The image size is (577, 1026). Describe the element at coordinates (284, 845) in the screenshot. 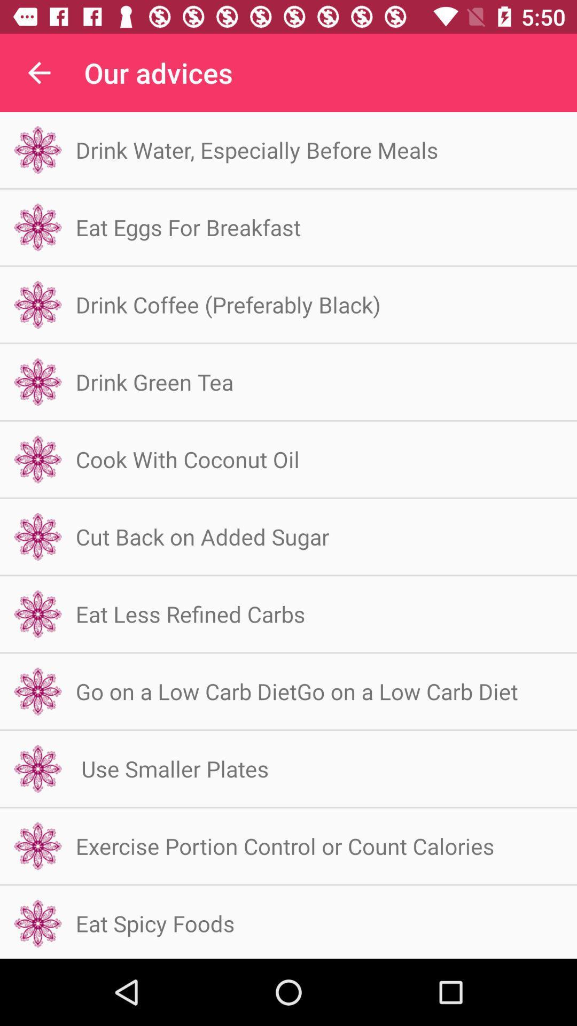

I see `the exercise portion control` at that location.